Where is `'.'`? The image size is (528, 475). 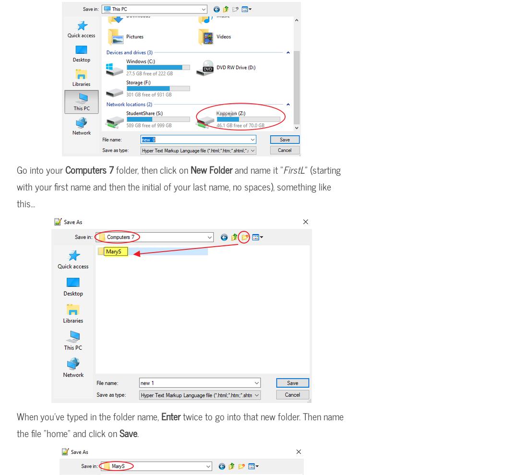 '.' is located at coordinates (137, 432).